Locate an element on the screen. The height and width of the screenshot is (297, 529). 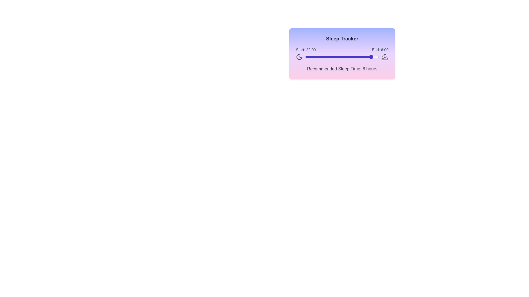
the sunrise icon to interact with it is located at coordinates (385, 57).